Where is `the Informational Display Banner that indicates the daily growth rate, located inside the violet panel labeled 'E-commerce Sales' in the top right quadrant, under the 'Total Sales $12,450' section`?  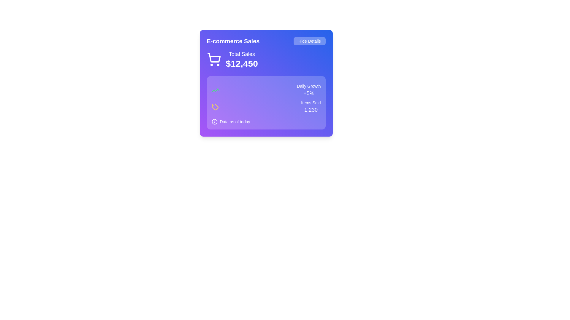
the Informational Display Banner that indicates the daily growth rate, located inside the violet panel labeled 'E-commerce Sales' in the top right quadrant, under the 'Total Sales $12,450' section is located at coordinates (266, 90).